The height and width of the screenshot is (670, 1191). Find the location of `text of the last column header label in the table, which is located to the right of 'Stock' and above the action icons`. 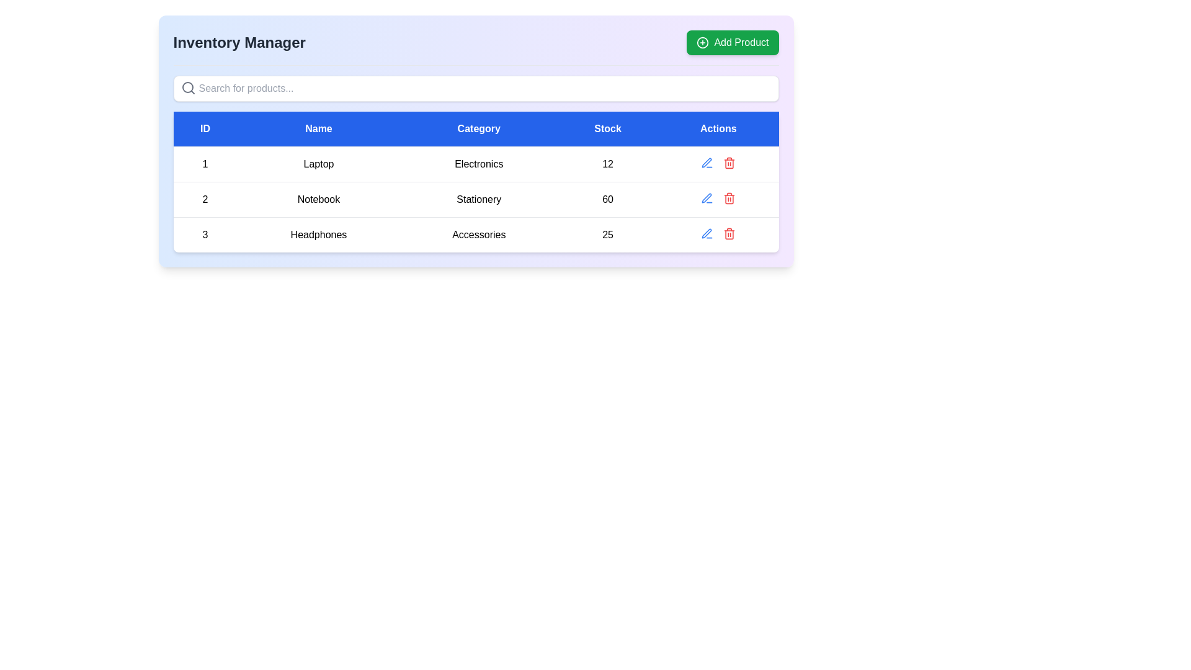

text of the last column header label in the table, which is located to the right of 'Stock' and above the action icons is located at coordinates (718, 129).